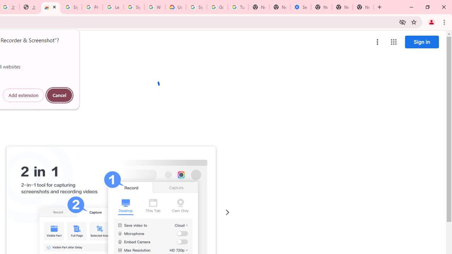  Describe the element at coordinates (377, 42) in the screenshot. I see `'More options menu'` at that location.